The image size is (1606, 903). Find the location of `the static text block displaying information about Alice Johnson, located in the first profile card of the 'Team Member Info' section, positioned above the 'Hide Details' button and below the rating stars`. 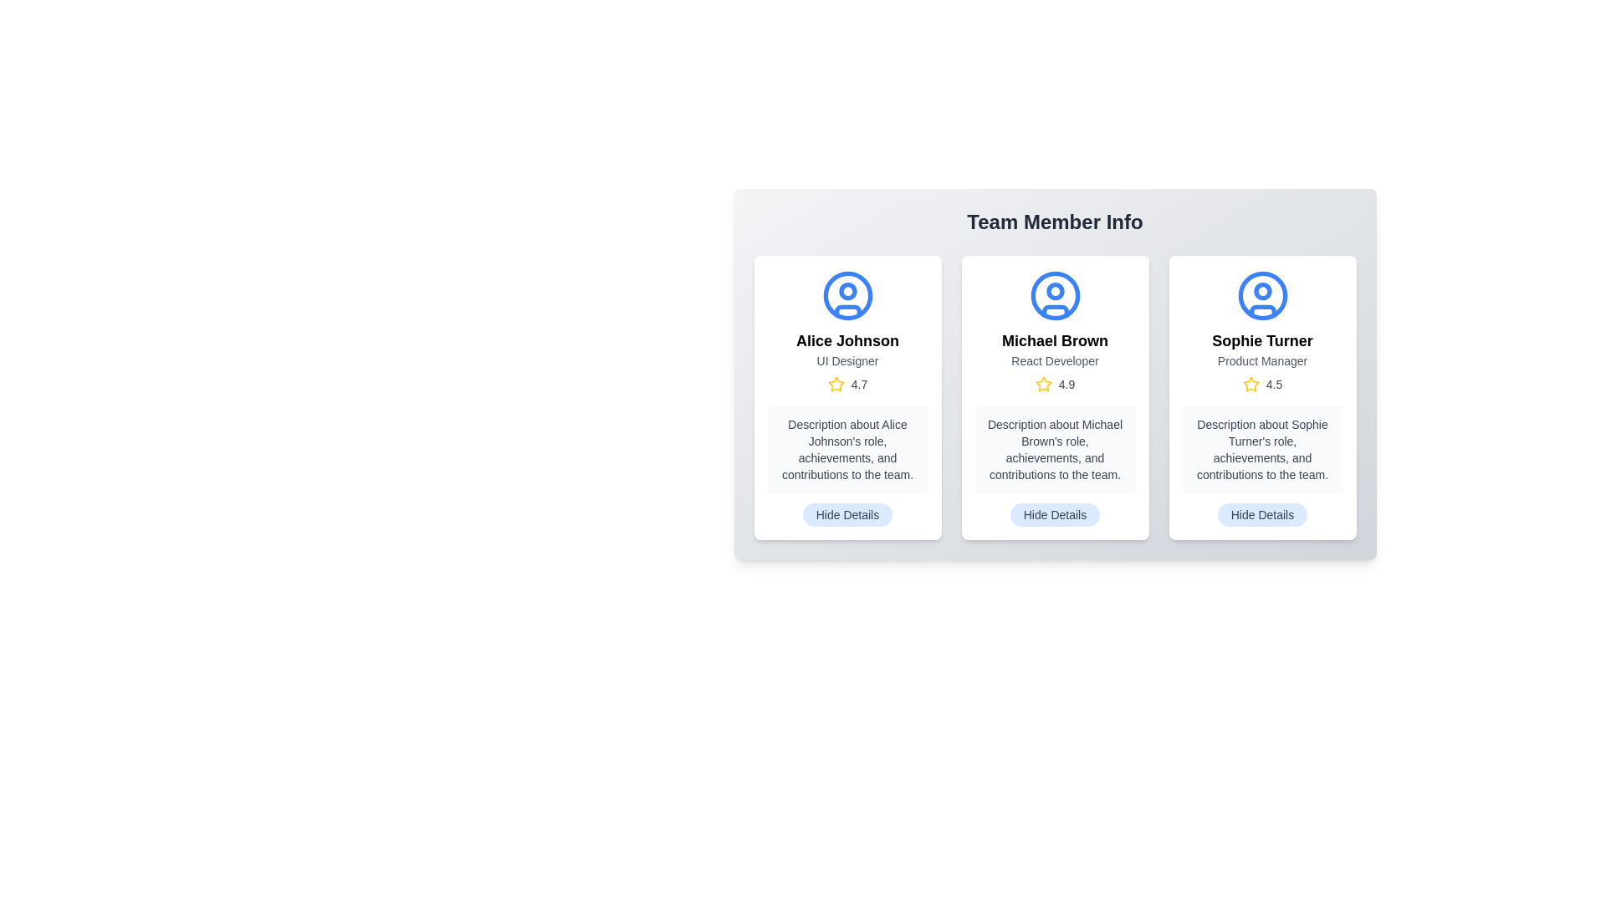

the static text block displaying information about Alice Johnson, located in the first profile card of the 'Team Member Info' section, positioned above the 'Hide Details' button and below the rating stars is located at coordinates (847, 448).